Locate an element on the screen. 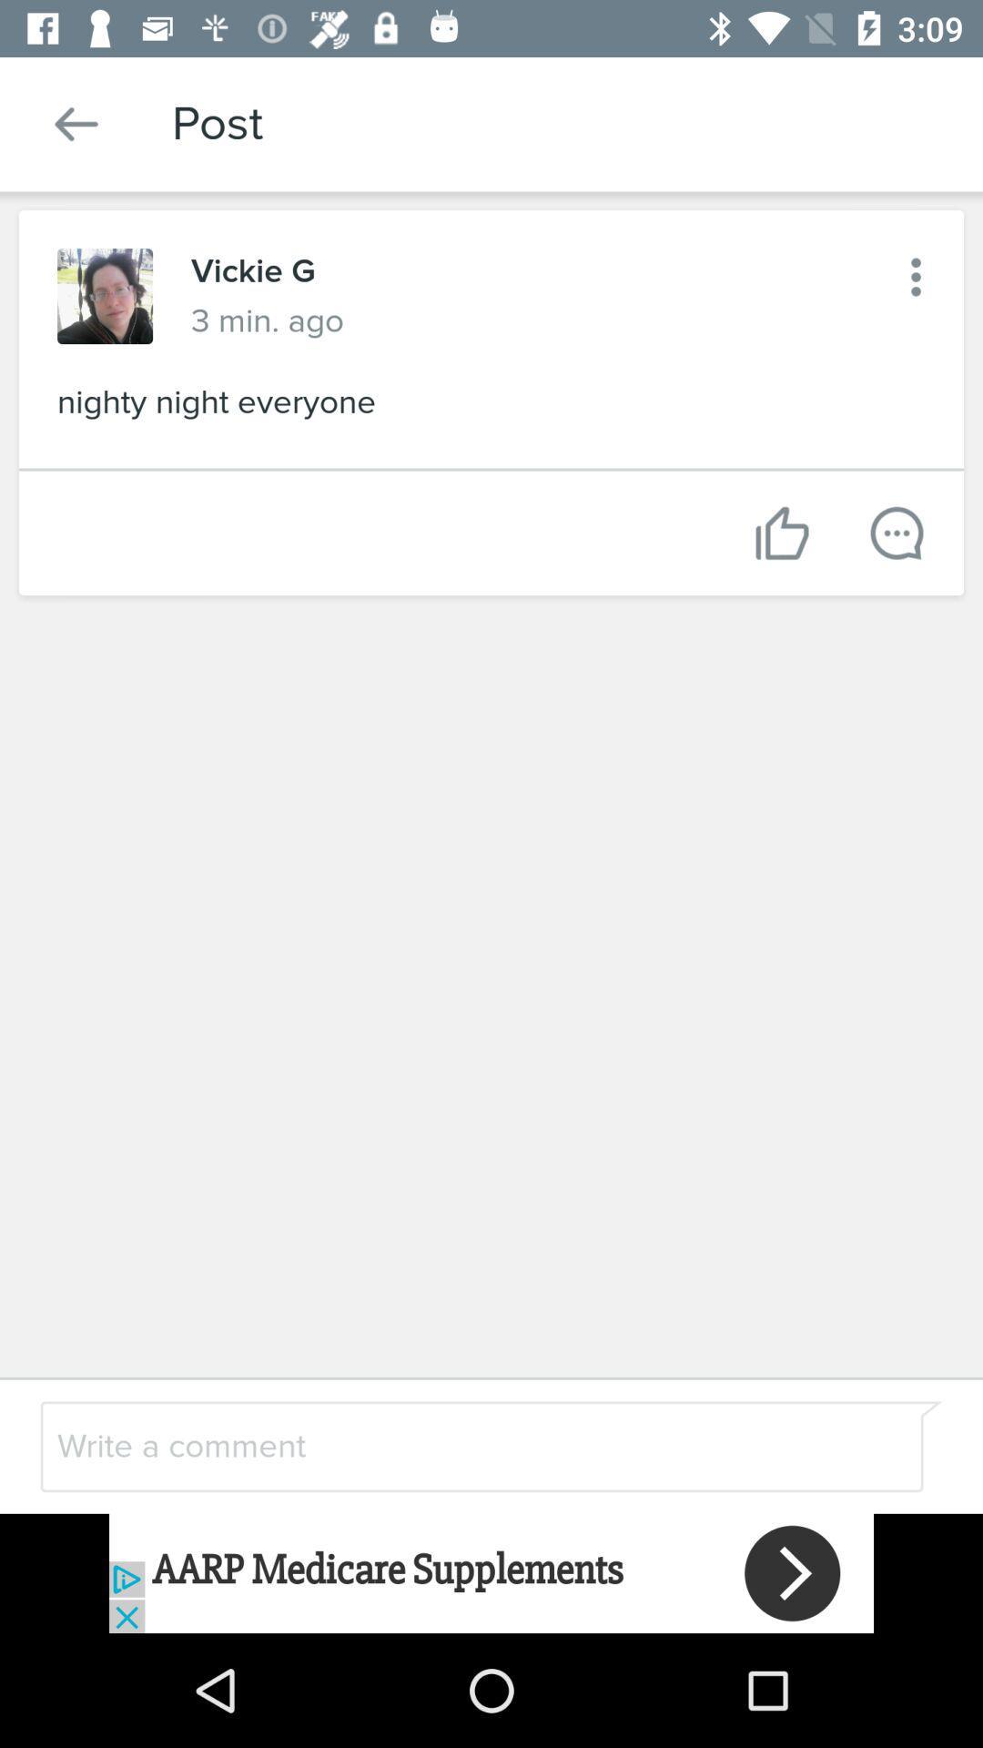  more options icon is located at coordinates (916, 276).